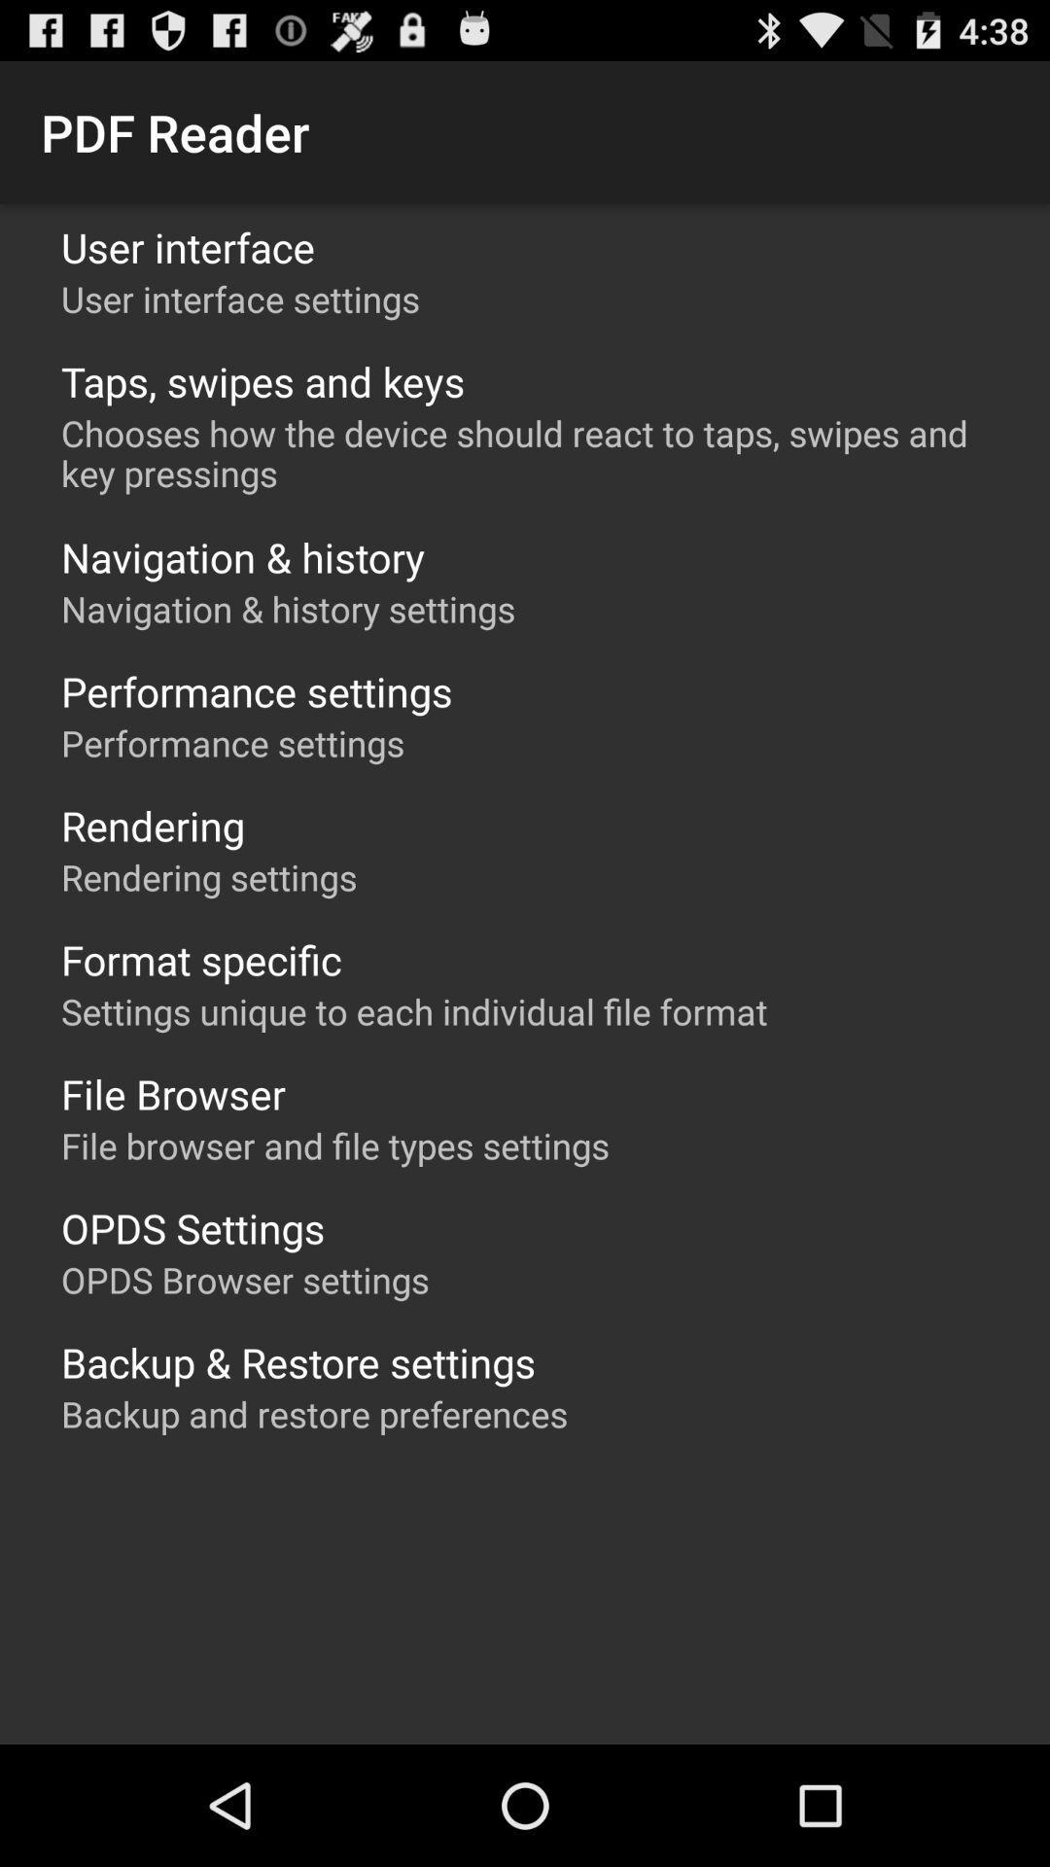 The image size is (1050, 1867). I want to click on the icon above the file browser item, so click(413, 1011).